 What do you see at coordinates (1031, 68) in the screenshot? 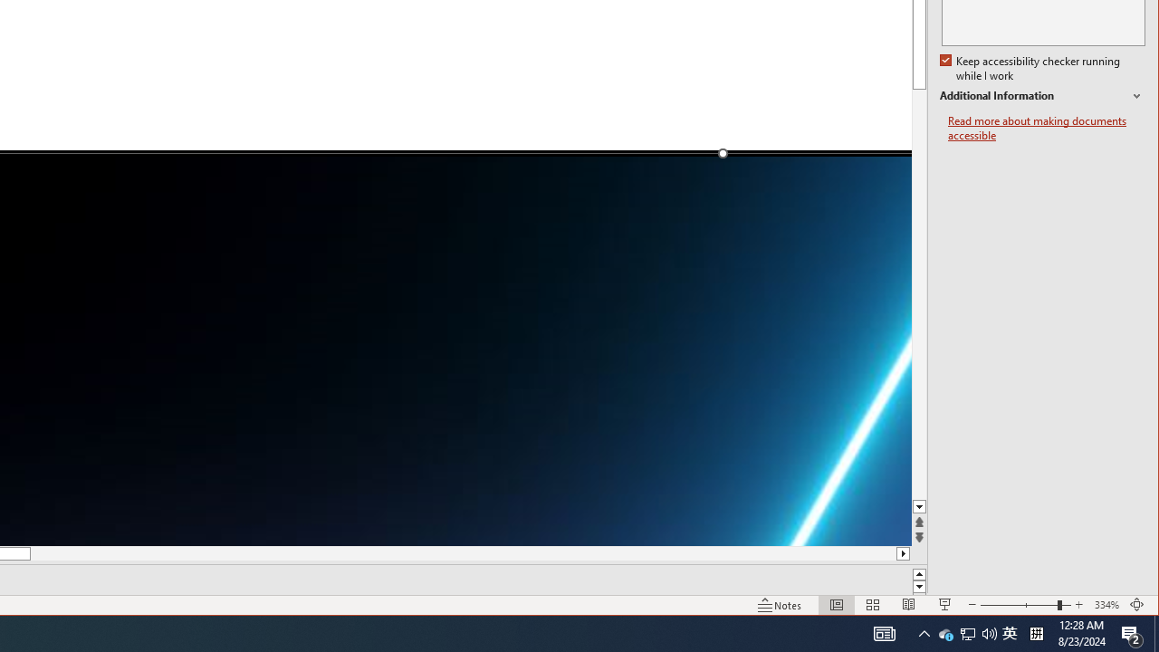
I see `'Keep accessibility checker running while I work'` at bounding box center [1031, 68].